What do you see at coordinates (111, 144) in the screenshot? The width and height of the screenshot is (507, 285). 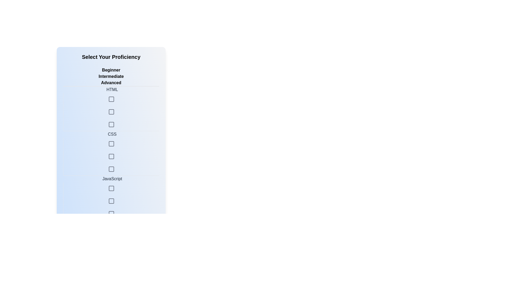 I see `the skill level Intermediate for the skill CSS` at bounding box center [111, 144].